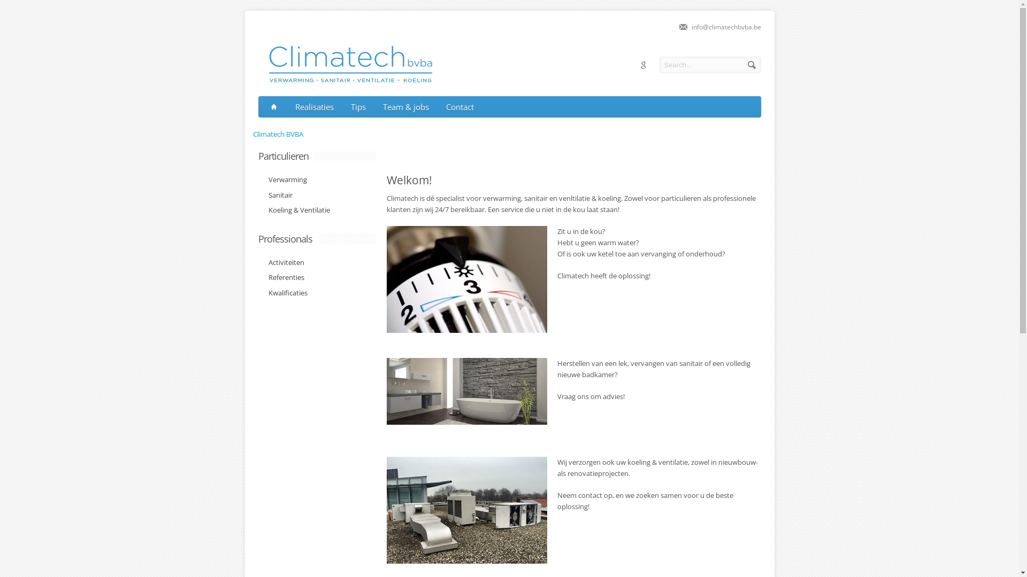 This screenshot has width=1027, height=577. I want to click on 'Koeling & Ventilatie', so click(296, 210).